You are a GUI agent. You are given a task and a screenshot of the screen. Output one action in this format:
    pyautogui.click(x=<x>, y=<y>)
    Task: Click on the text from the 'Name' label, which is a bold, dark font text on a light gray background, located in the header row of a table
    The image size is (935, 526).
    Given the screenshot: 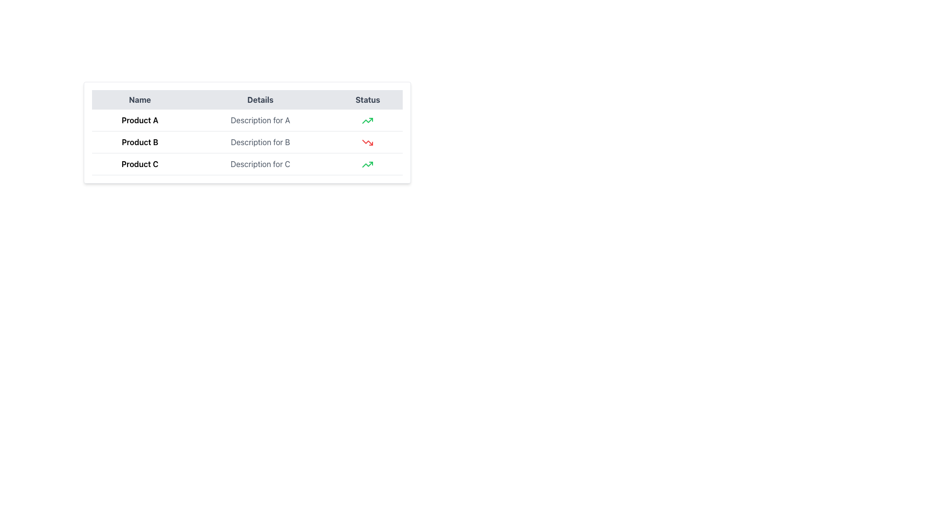 What is the action you would take?
    pyautogui.click(x=139, y=99)
    